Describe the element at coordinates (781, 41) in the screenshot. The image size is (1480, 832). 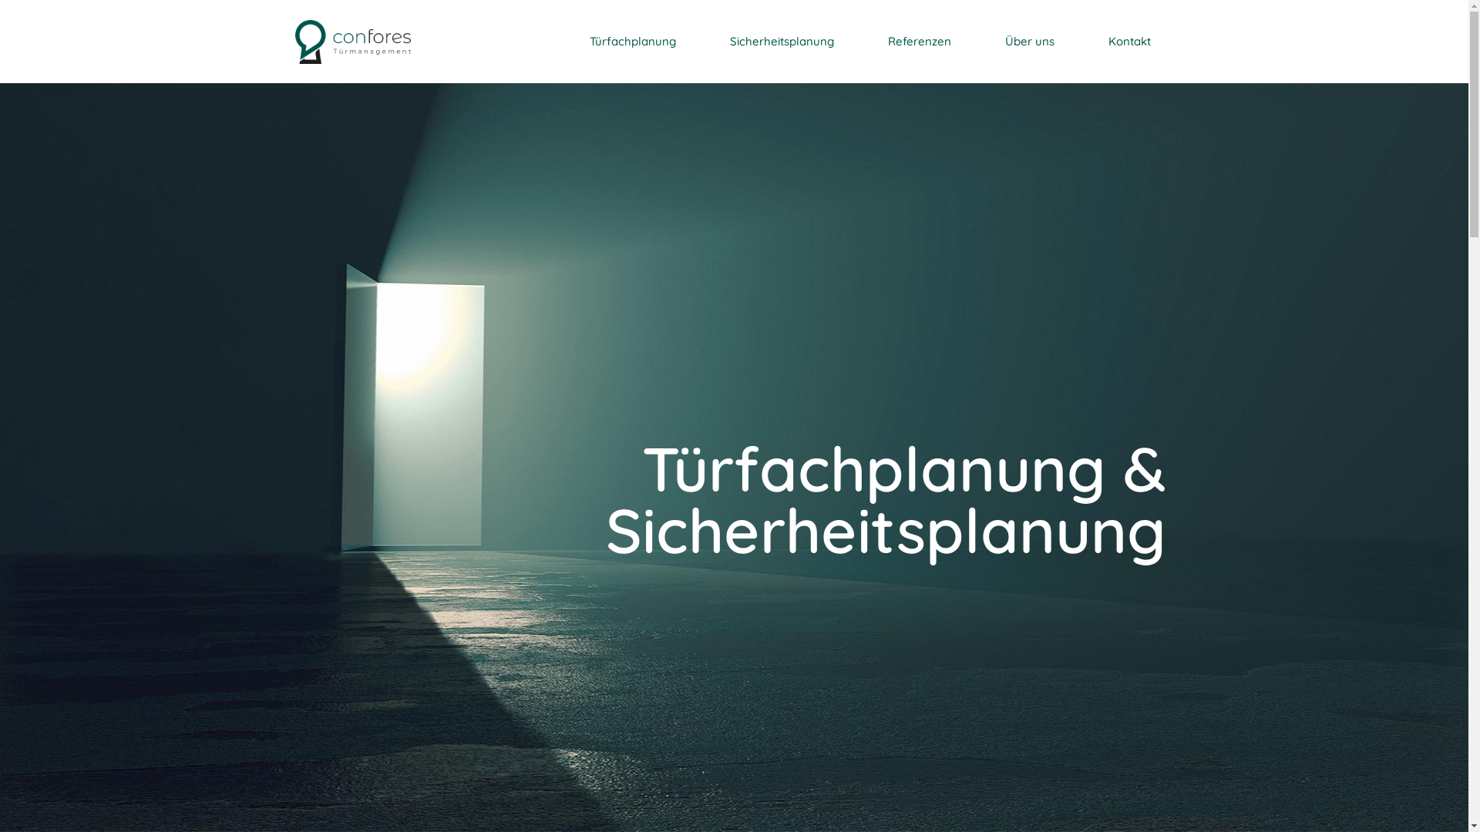
I see `'Sicherheitsplanung'` at that location.